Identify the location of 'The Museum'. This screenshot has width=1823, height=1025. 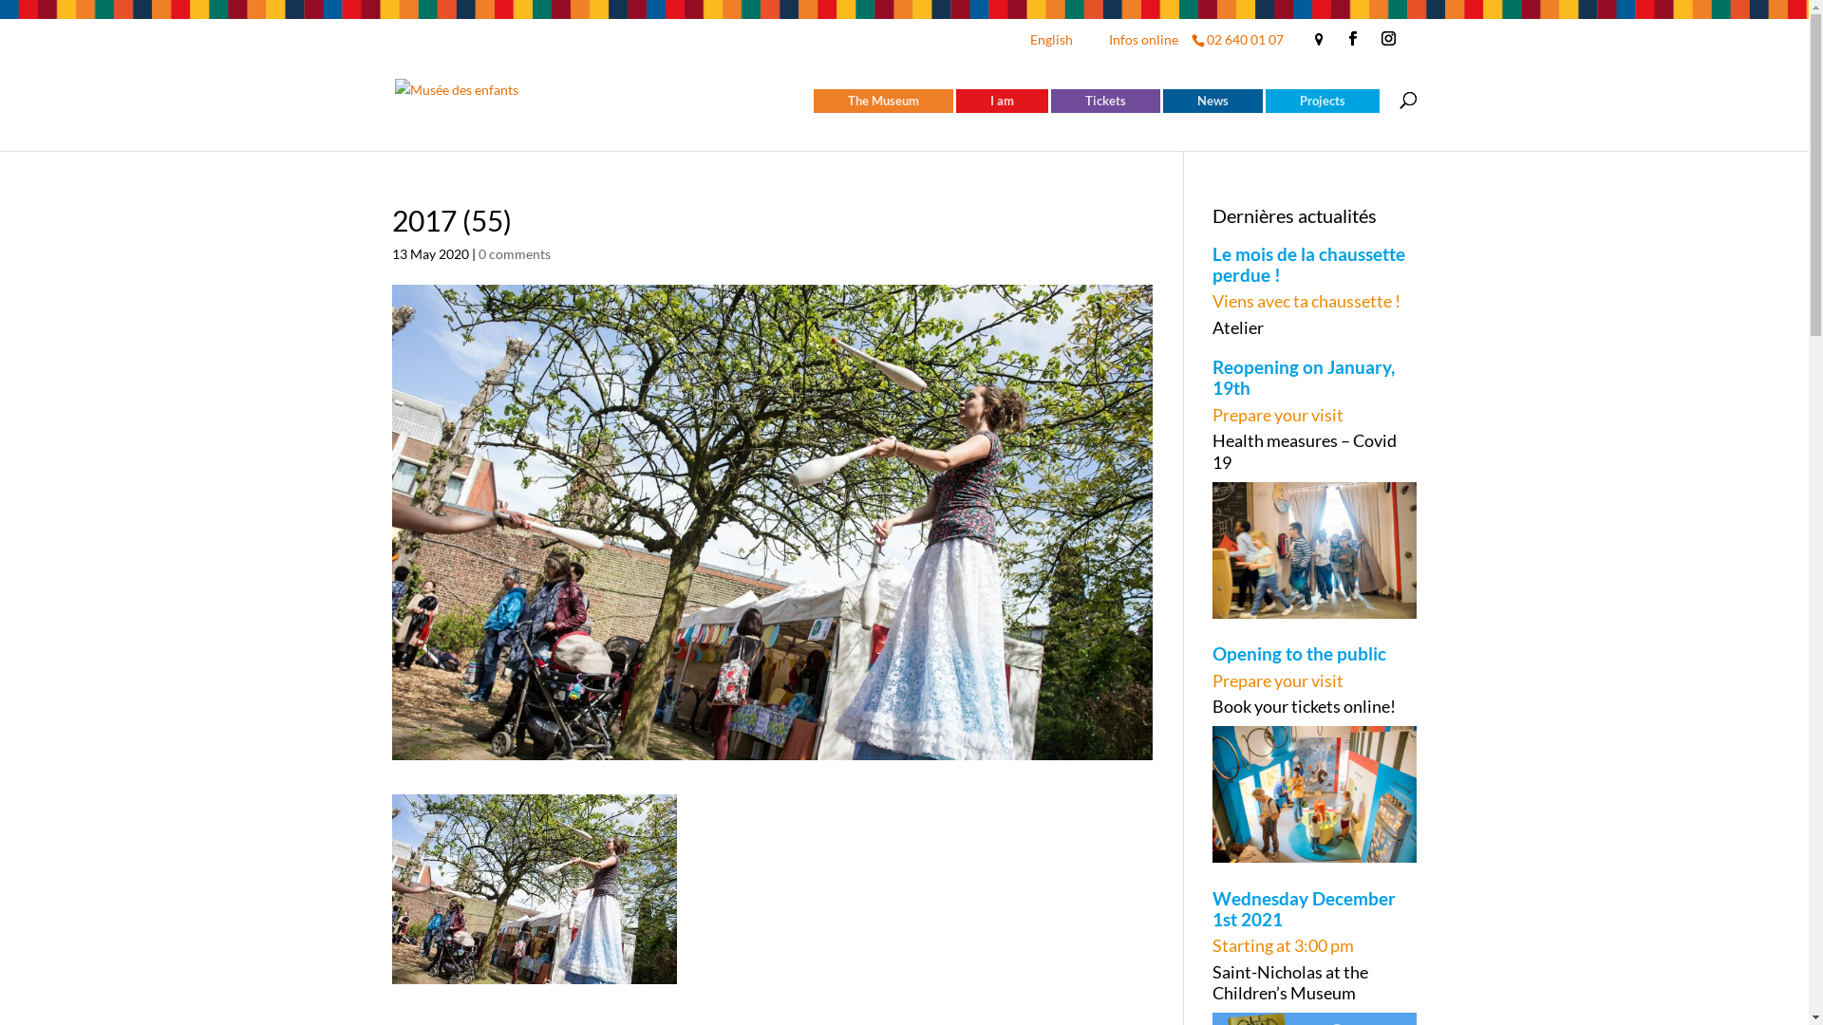
(881, 101).